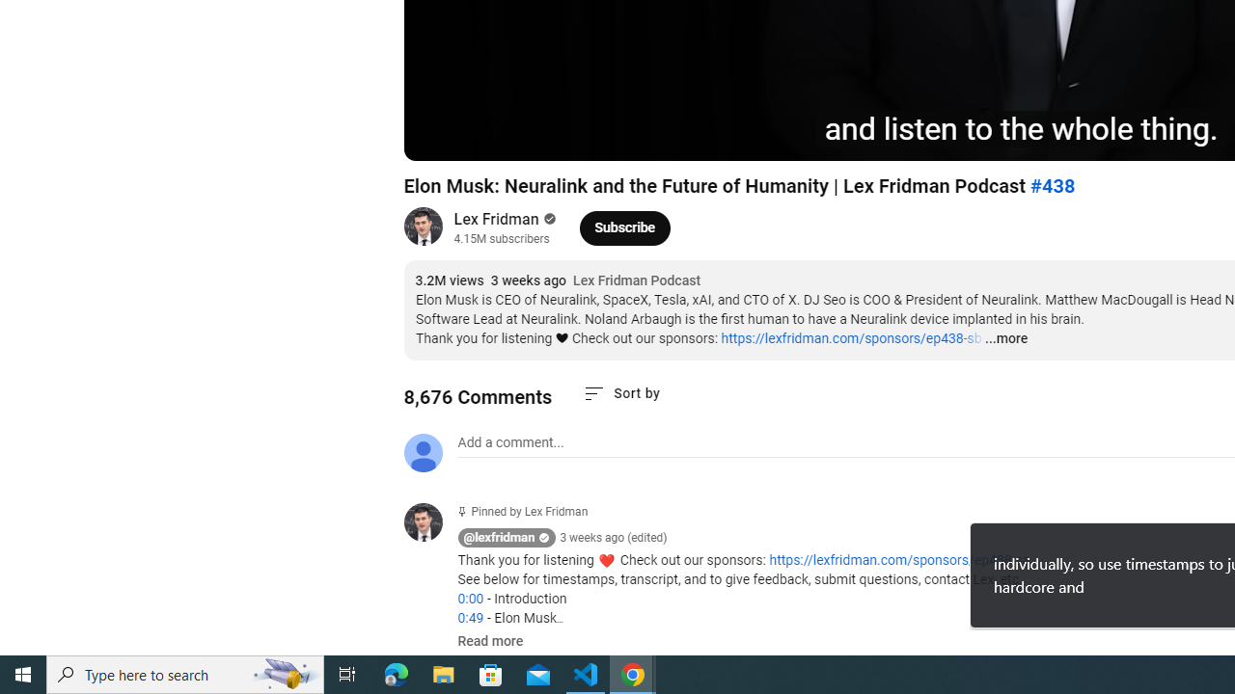 Image resolution: width=1235 pixels, height=694 pixels. Describe the element at coordinates (470, 598) in the screenshot. I see `'0:00'` at that location.